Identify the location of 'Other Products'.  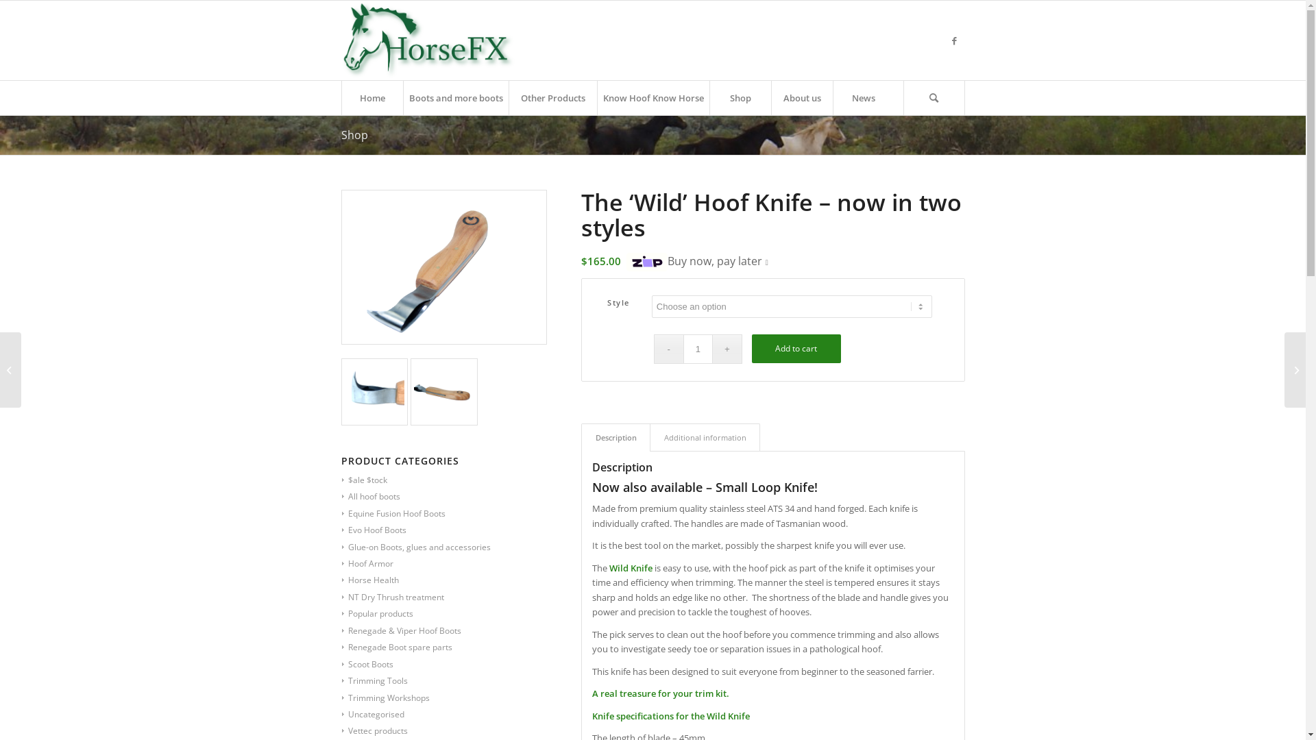
(552, 97).